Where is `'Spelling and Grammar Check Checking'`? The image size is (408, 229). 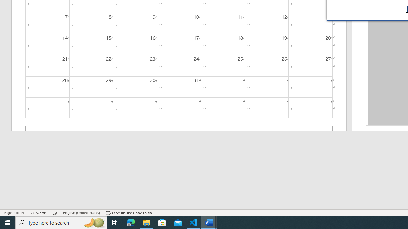
'Spelling and Grammar Check Checking' is located at coordinates (55, 213).